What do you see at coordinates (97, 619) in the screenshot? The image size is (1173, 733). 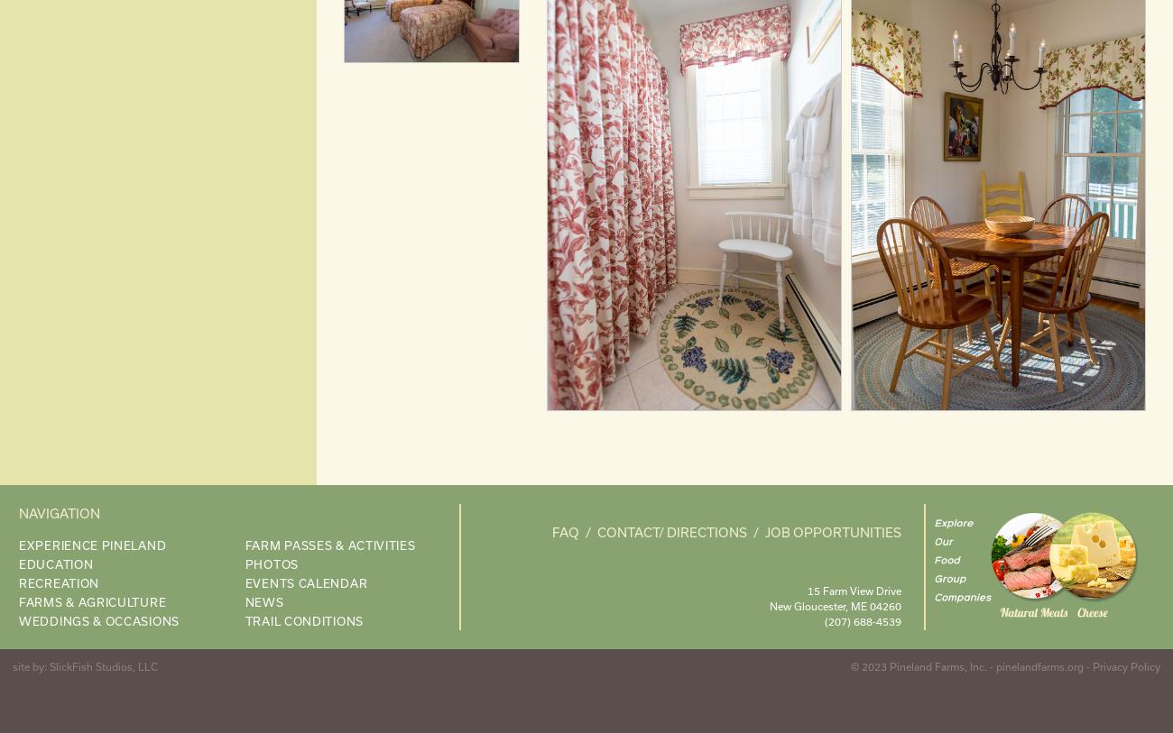 I see `'Weddings & Occasions'` at bounding box center [97, 619].